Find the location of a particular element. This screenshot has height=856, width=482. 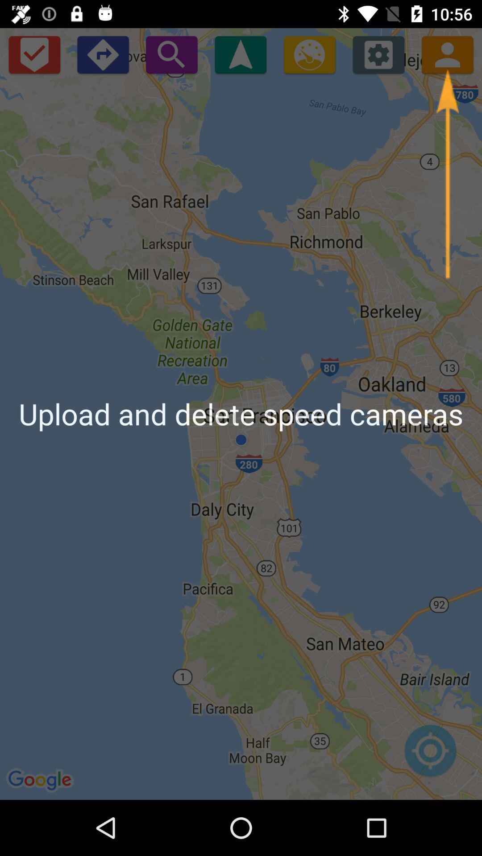

goto next page is located at coordinates (102, 54).